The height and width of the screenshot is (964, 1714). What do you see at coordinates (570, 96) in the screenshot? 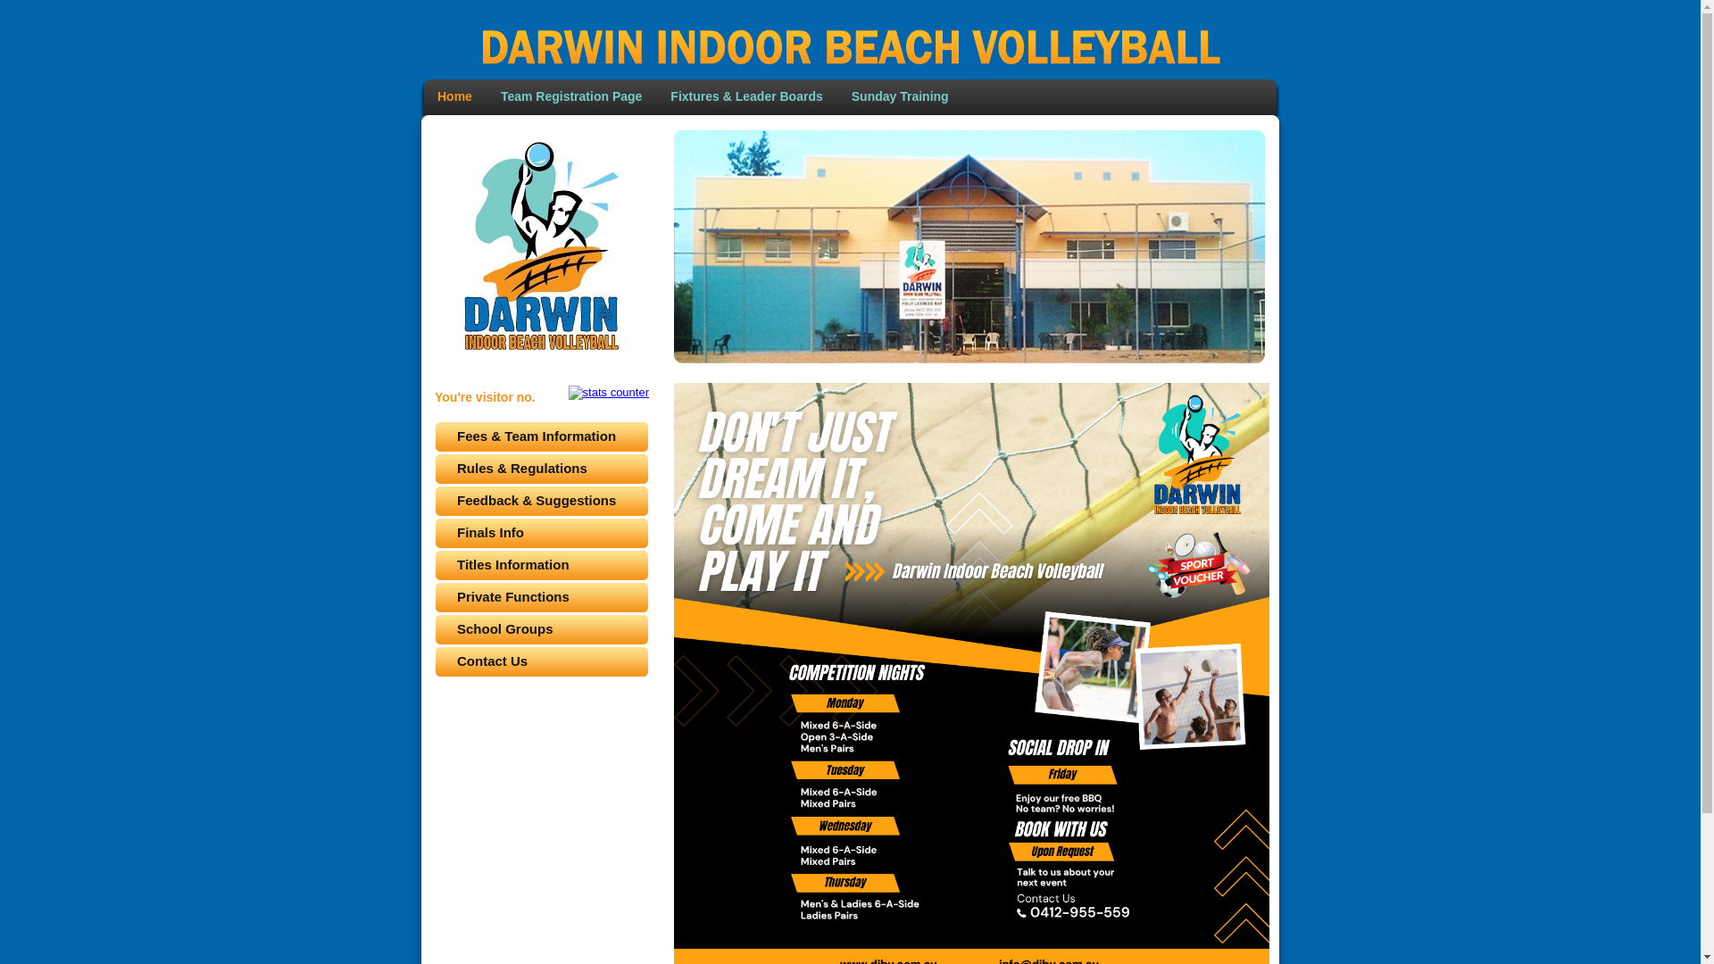
I see `'Team Registration Page'` at bounding box center [570, 96].